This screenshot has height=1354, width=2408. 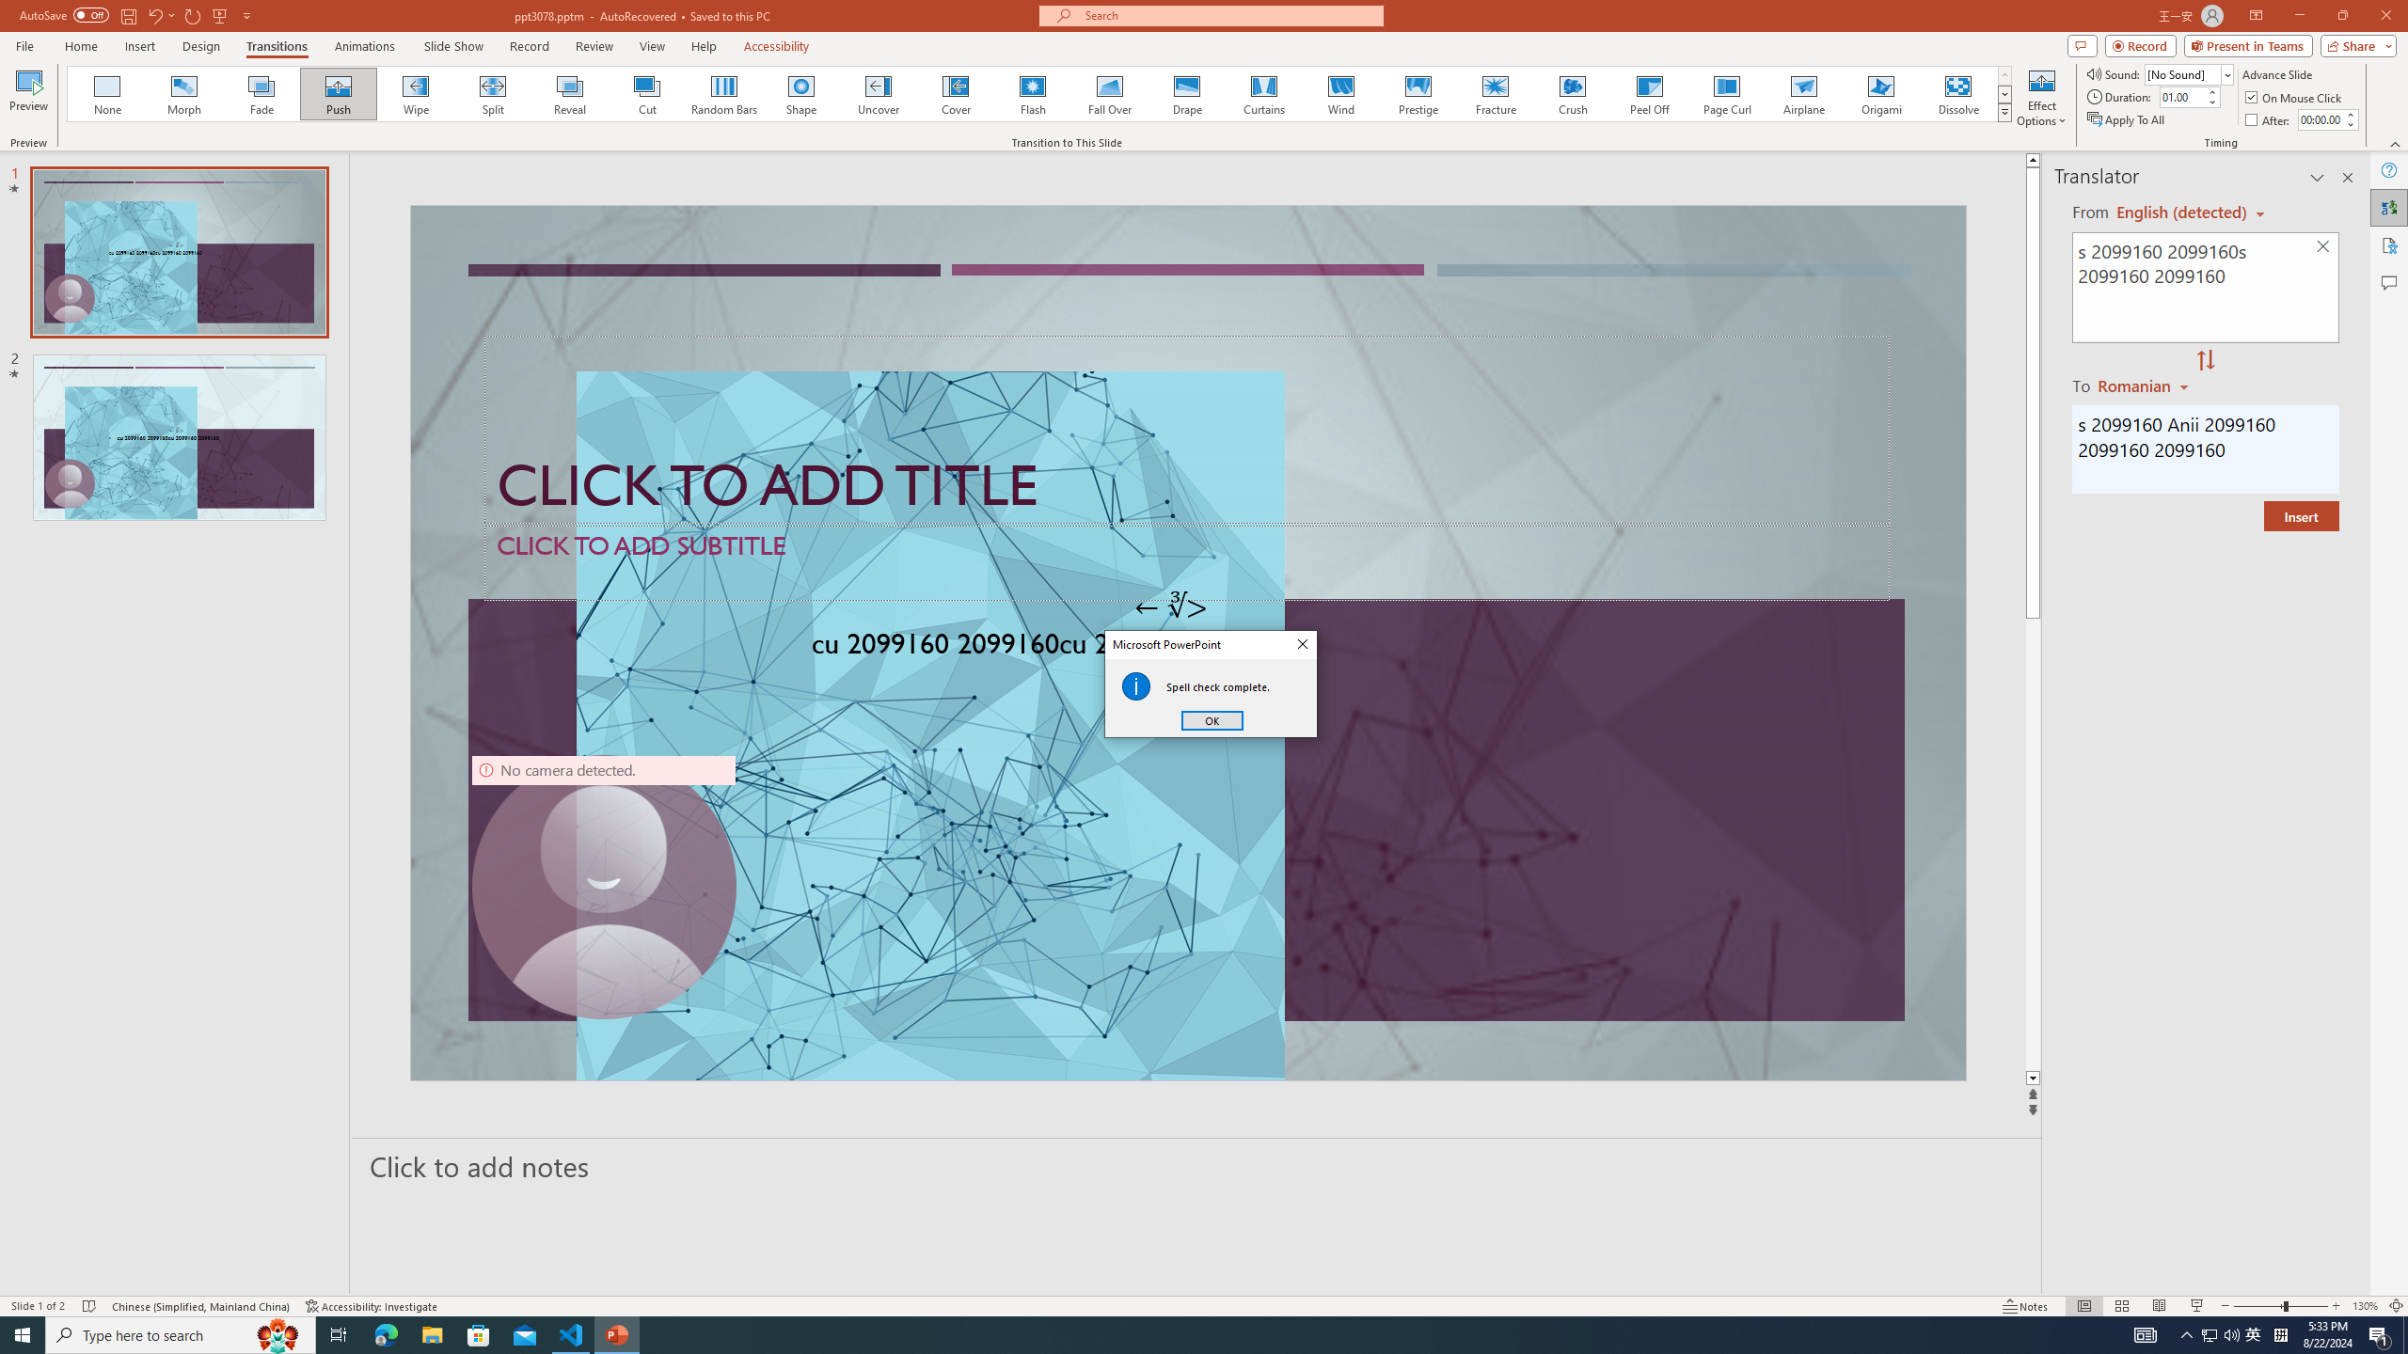 What do you see at coordinates (1495, 93) in the screenshot?
I see `'Fracture'` at bounding box center [1495, 93].